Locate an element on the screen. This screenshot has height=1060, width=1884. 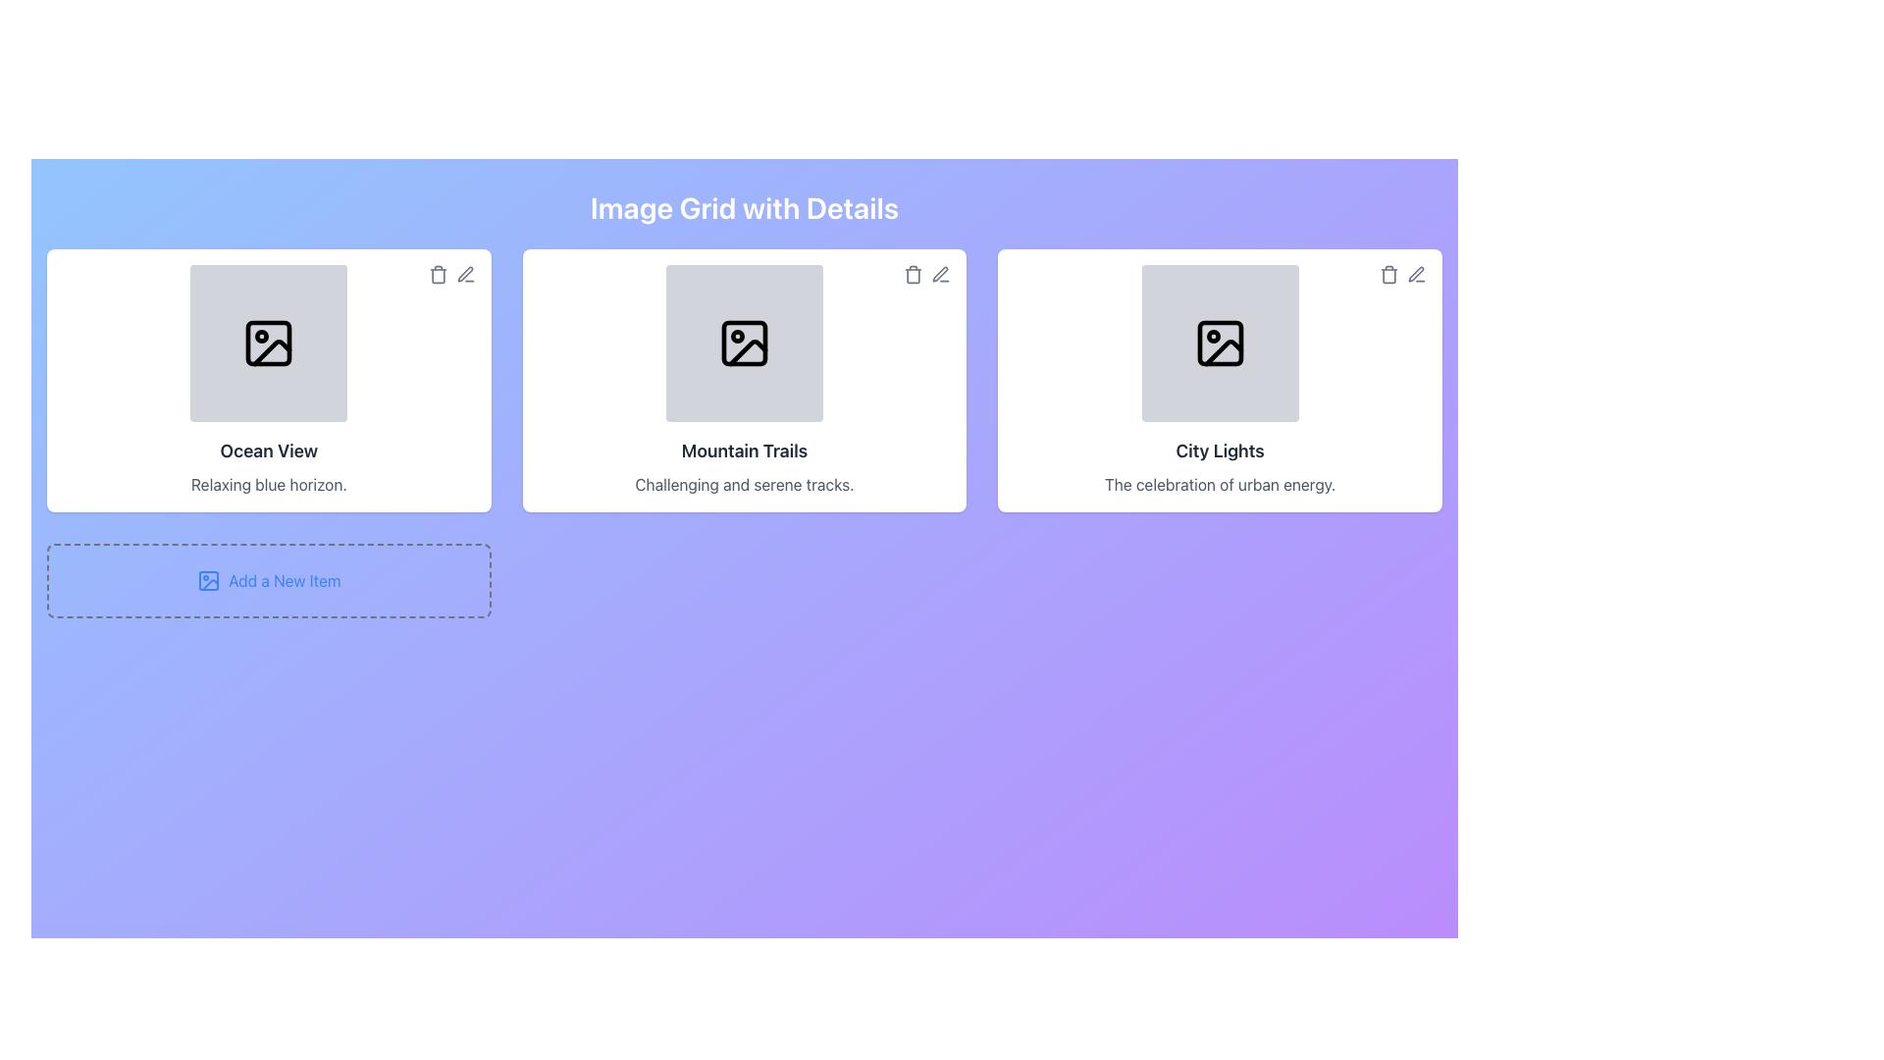
the textual label displaying 'Challenging and serene tracks.' which is centrally aligned below the 'Mountain Trails' title in the second card of a three-card layout is located at coordinates (743, 484).